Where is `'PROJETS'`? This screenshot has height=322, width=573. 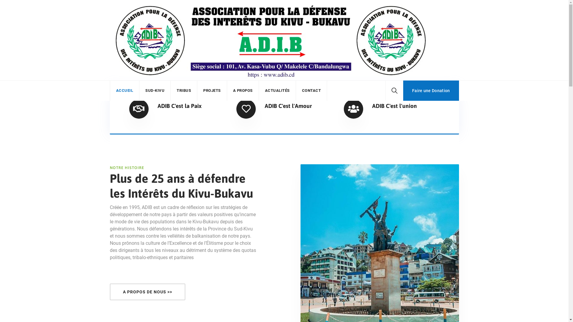
'PROJETS' is located at coordinates (212, 91).